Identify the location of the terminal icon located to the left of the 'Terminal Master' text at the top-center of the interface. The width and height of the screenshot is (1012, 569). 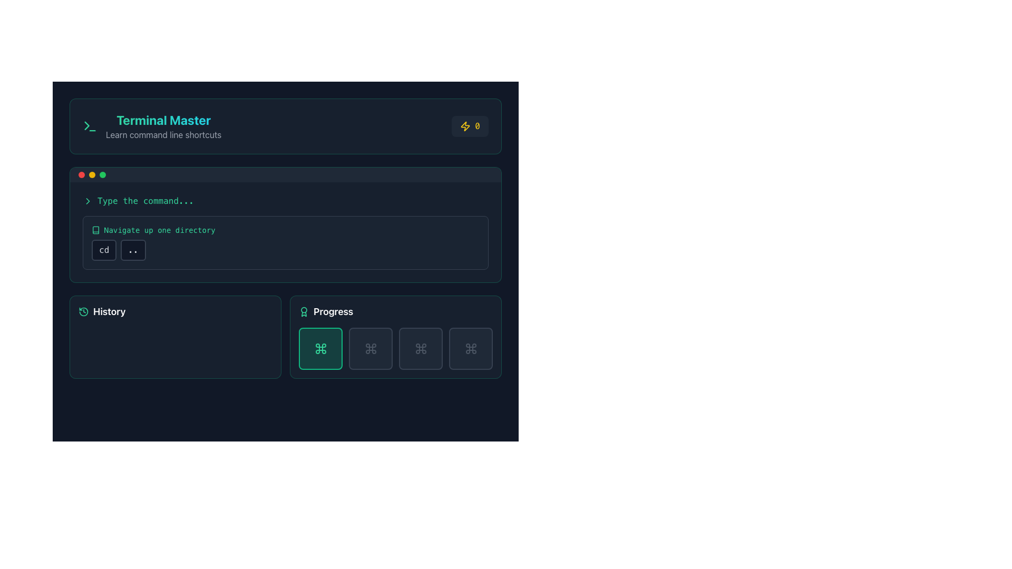
(90, 125).